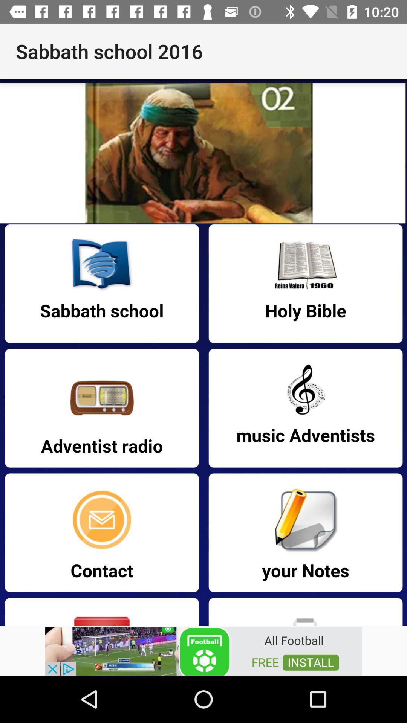 The height and width of the screenshot is (723, 407). I want to click on open advertisement, so click(203, 650).